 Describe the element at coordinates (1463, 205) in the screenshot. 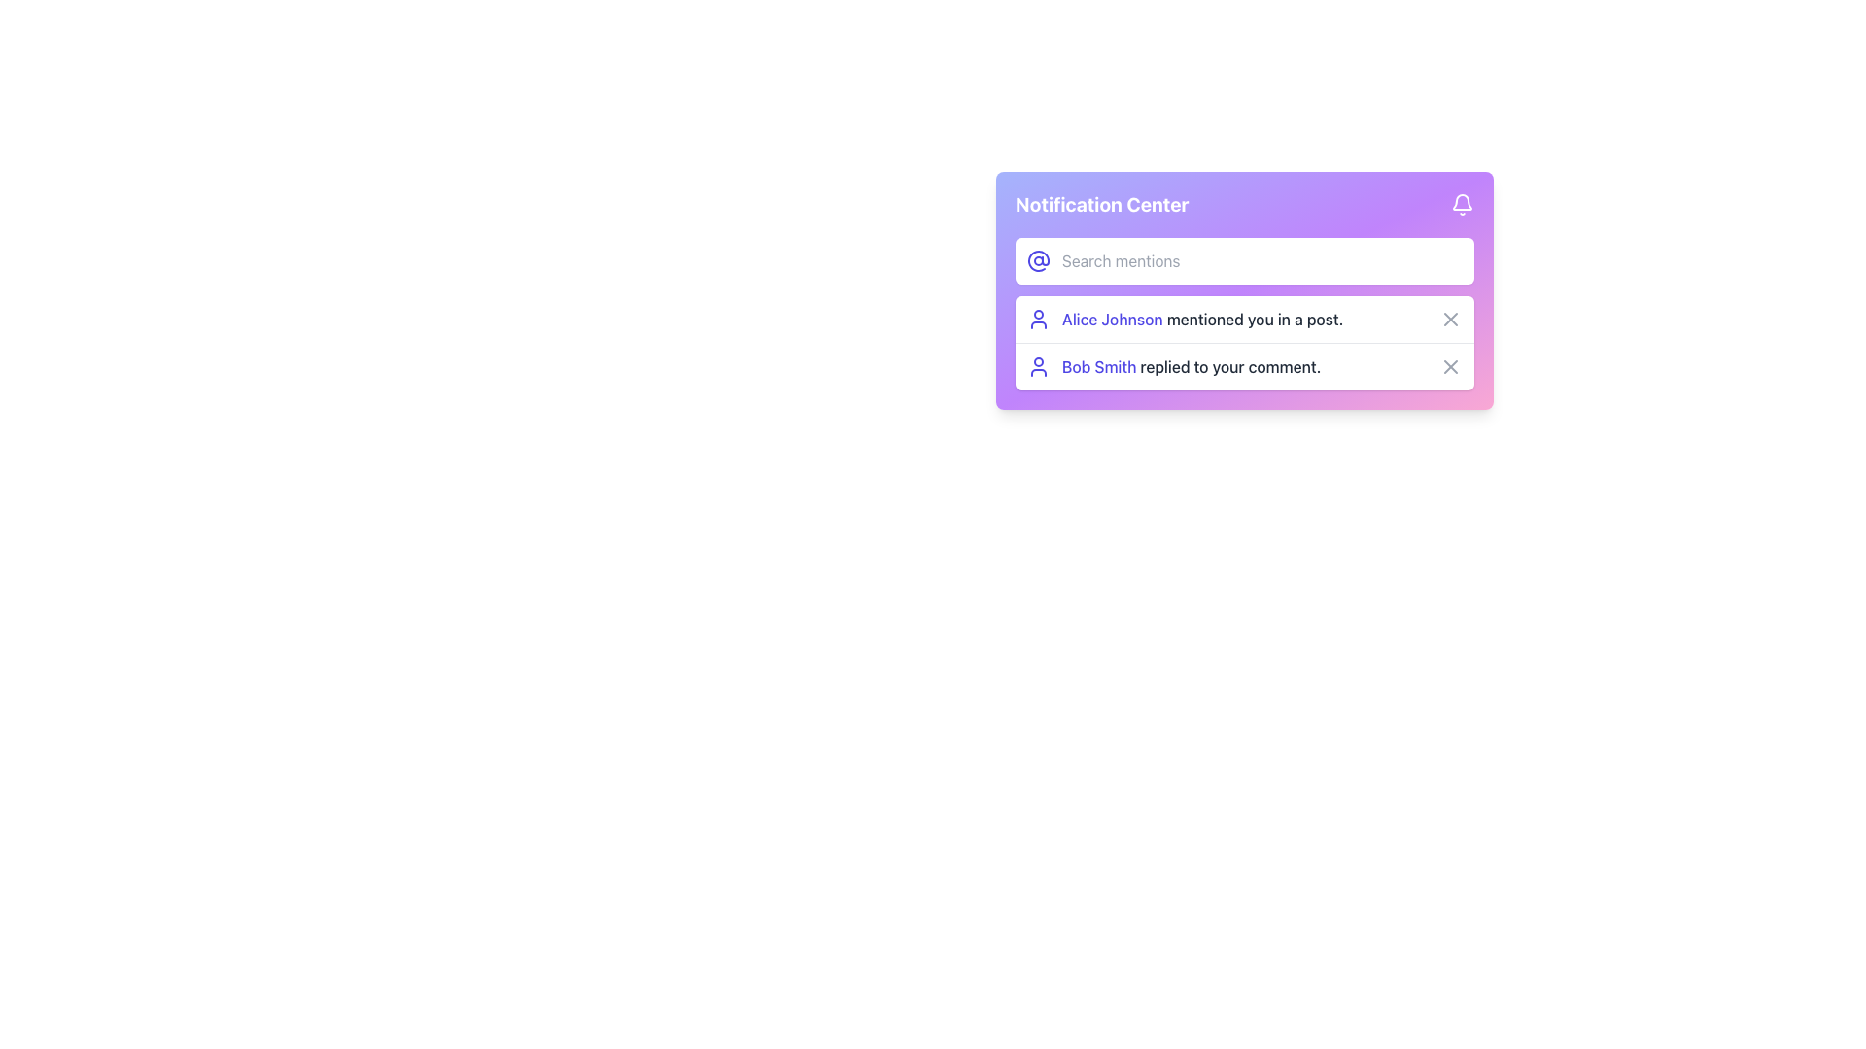

I see `the bell icon located in the top-right corner of the Notification Center, which indicates new updates, alerts, or messages to the user` at that location.